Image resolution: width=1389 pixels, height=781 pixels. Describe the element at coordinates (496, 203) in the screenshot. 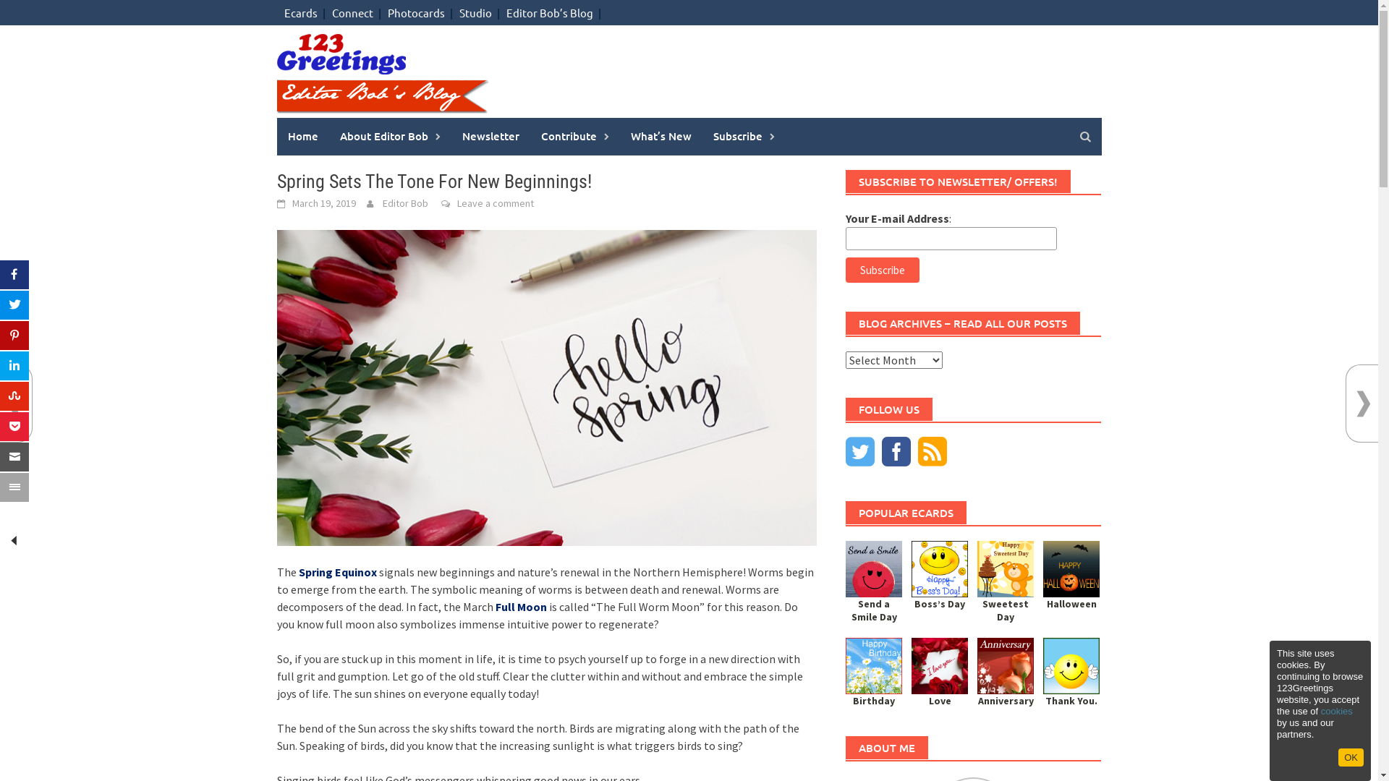

I see `'Leave a comment'` at that location.